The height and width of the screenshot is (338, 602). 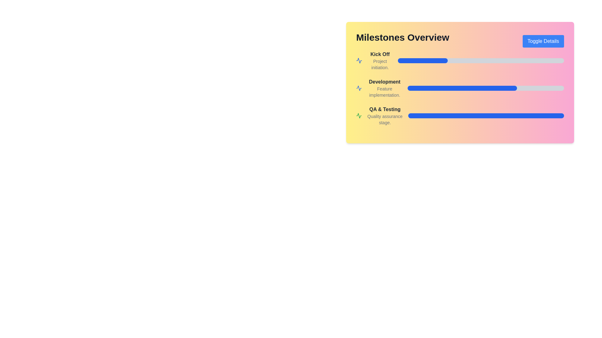 What do you see at coordinates (403, 37) in the screenshot?
I see `the Header Text that indicates the subject of the section, providing an overview of milestones in a project or task` at bounding box center [403, 37].